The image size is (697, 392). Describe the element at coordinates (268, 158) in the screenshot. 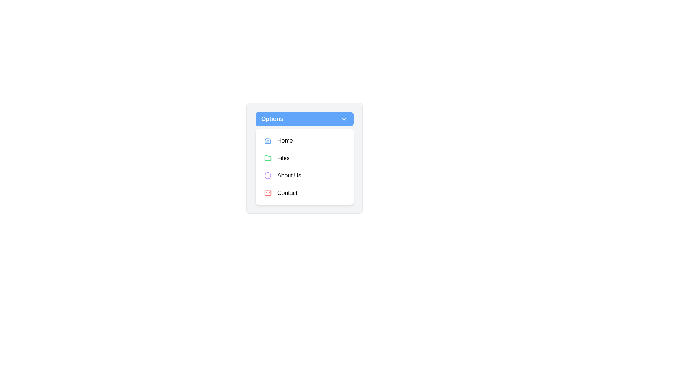

I see `the 'Files' icon in the dropdown menu, which is located second in the list of options, directly below 'Home'` at that location.